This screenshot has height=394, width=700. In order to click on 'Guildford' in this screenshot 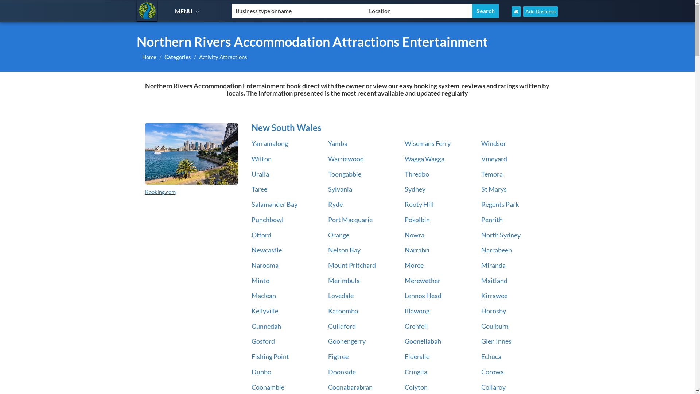, I will do `click(341, 326)`.